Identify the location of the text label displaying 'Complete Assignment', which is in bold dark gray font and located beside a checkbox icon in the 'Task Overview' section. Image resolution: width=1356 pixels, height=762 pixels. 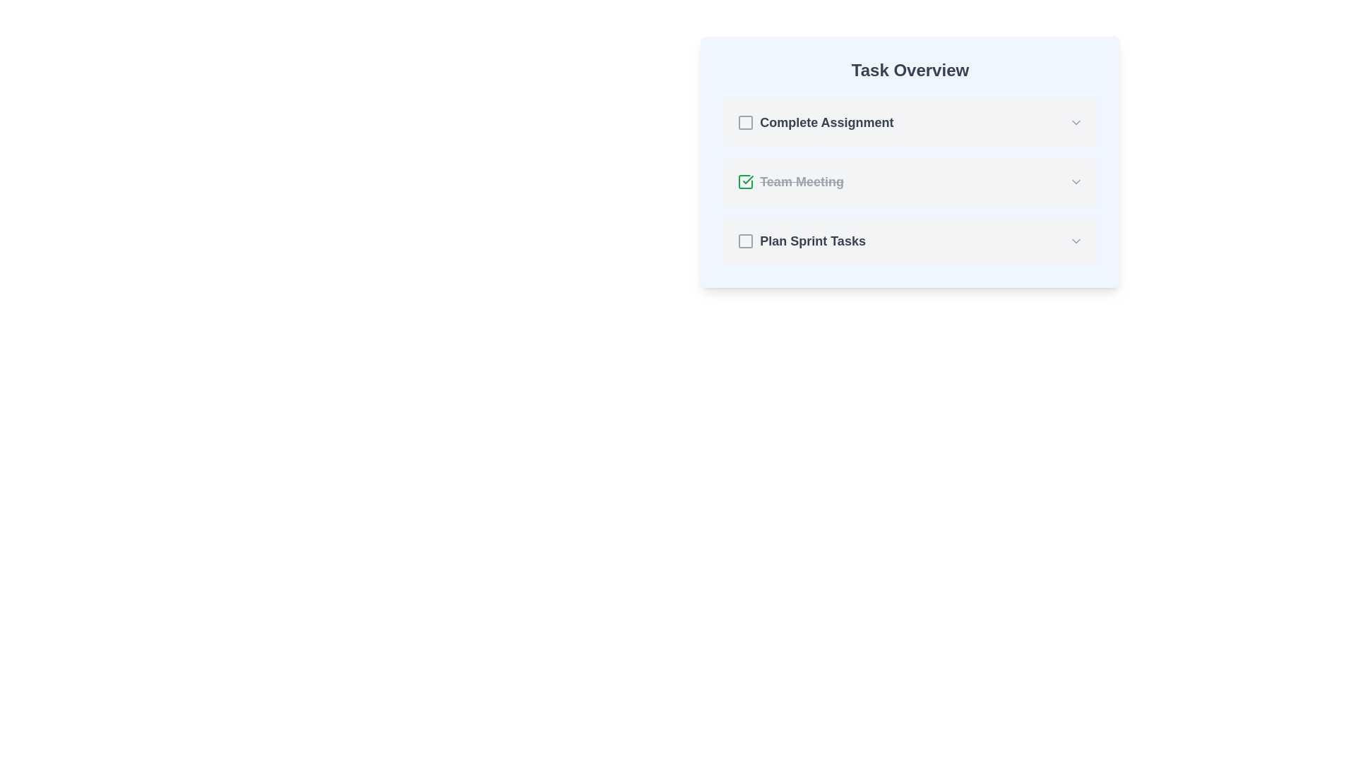
(826, 121).